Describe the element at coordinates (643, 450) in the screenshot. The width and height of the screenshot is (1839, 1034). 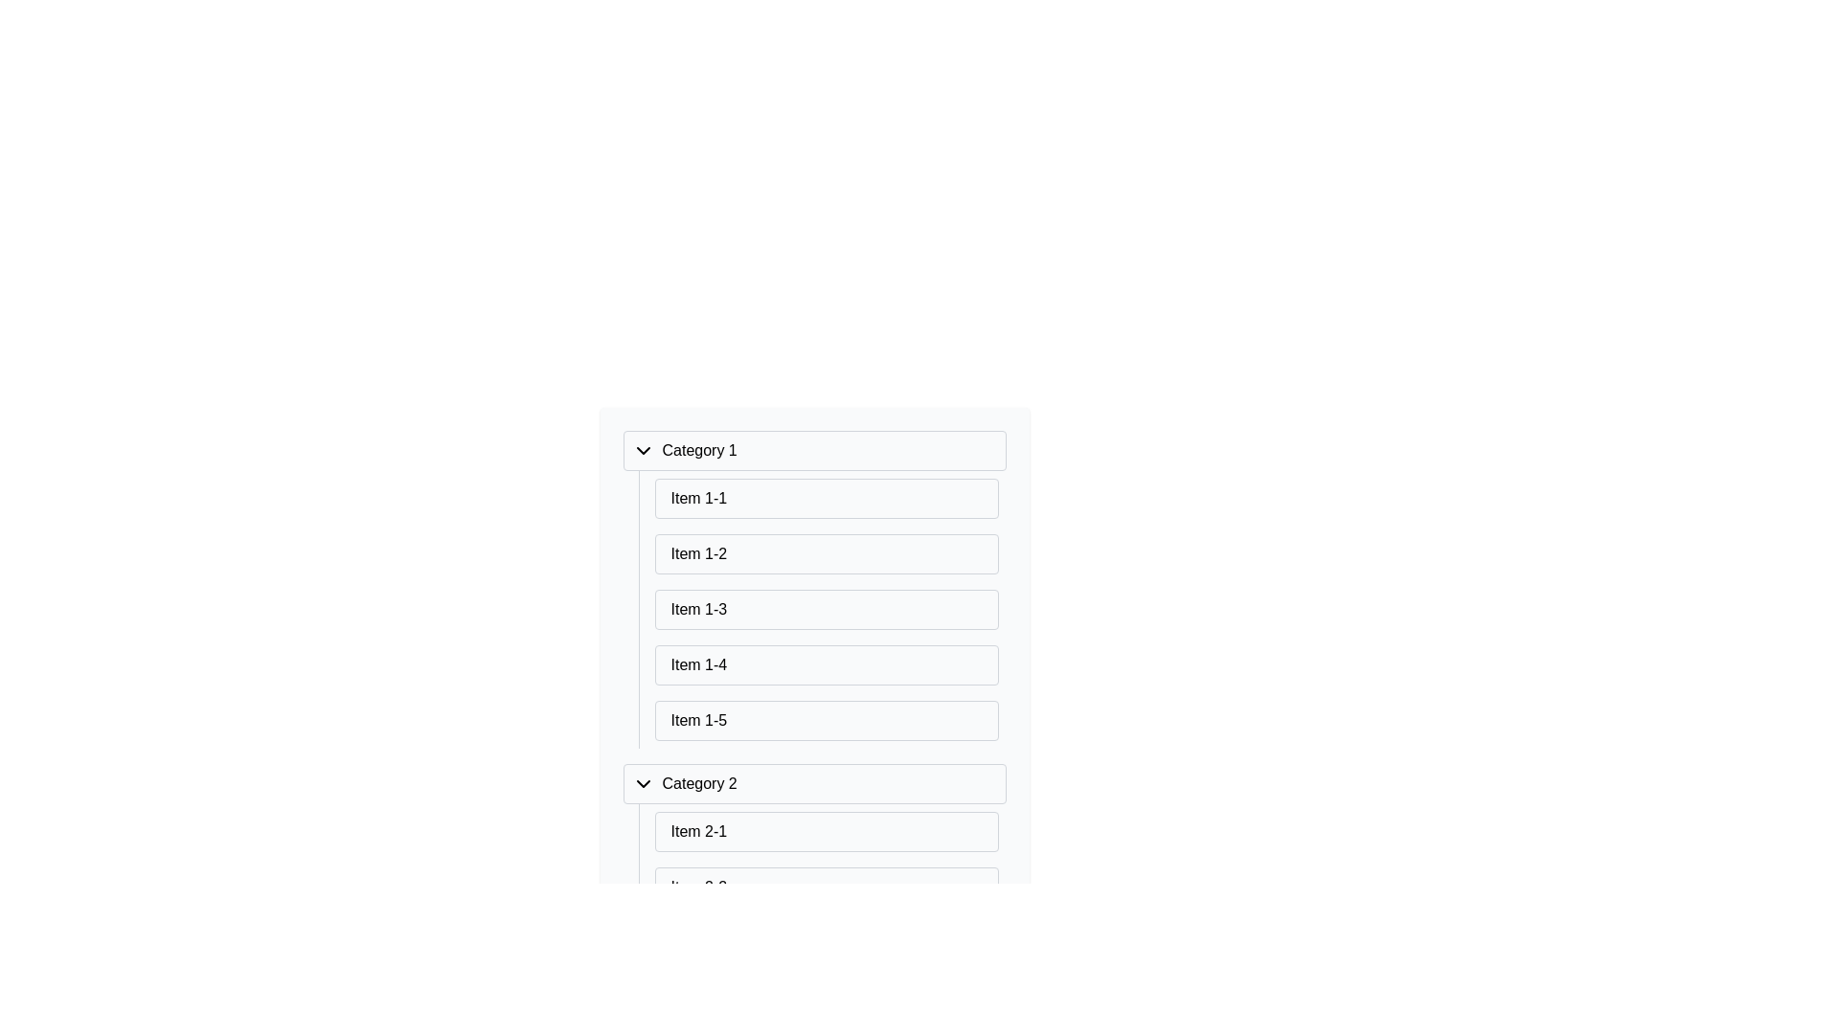
I see `the dropdown toggle icon` at that location.